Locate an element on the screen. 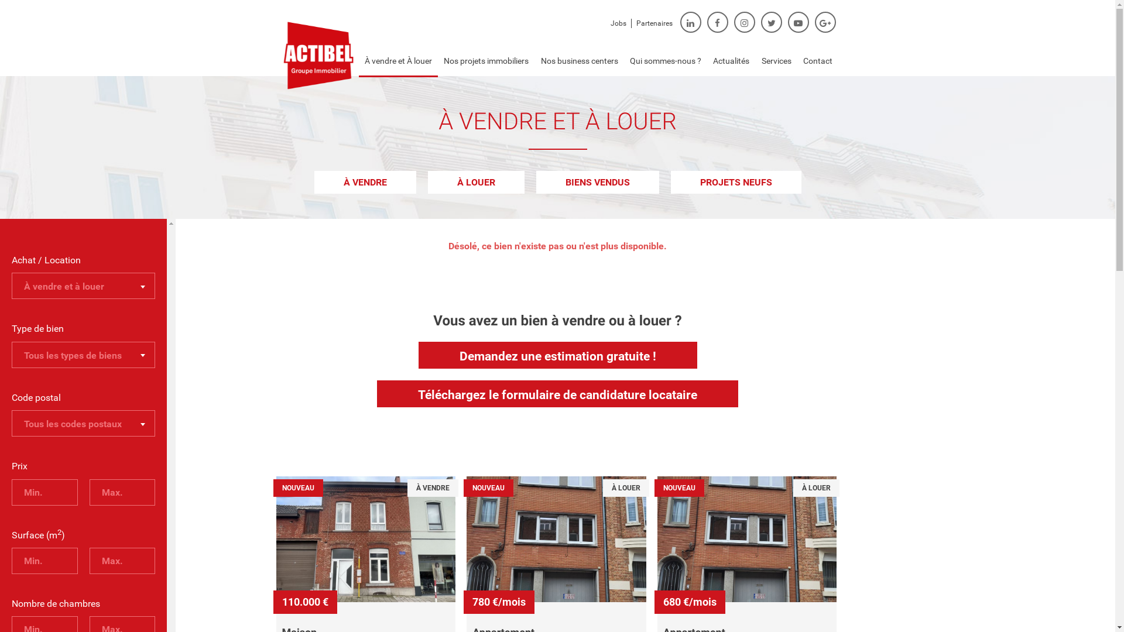  'PROJETS NEUFS' is located at coordinates (671, 182).